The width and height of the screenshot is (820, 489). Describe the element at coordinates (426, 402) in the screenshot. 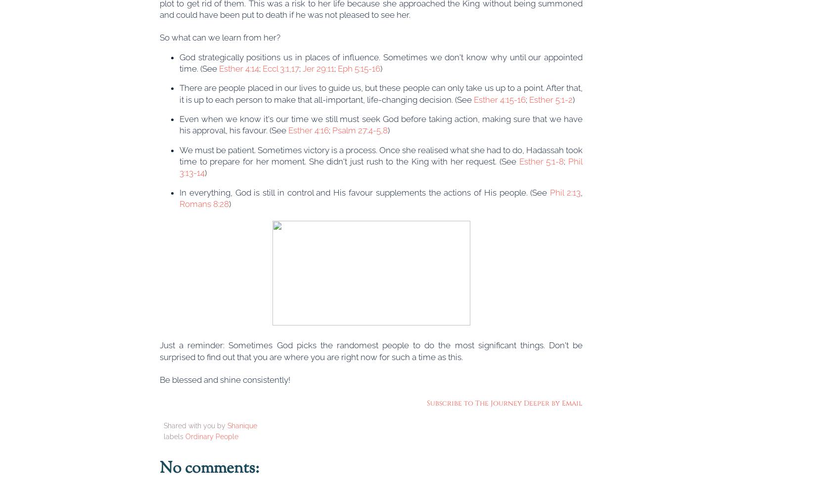

I see `'Subscribe to The Journey Deeper by Email'` at that location.